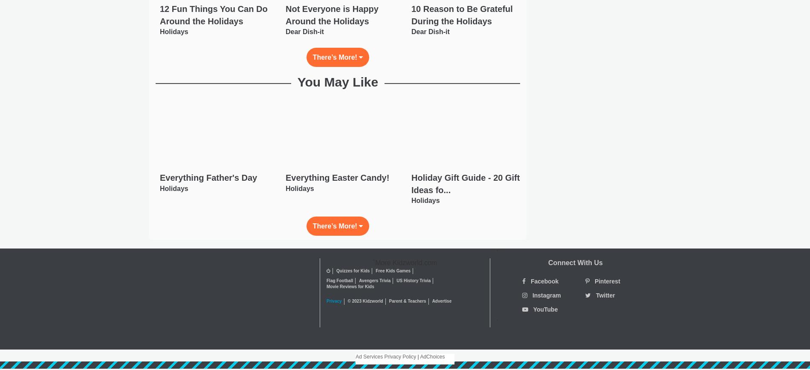  What do you see at coordinates (214, 14) in the screenshot?
I see `'12 Fun Things You Can Do Around the Holidays'` at bounding box center [214, 14].